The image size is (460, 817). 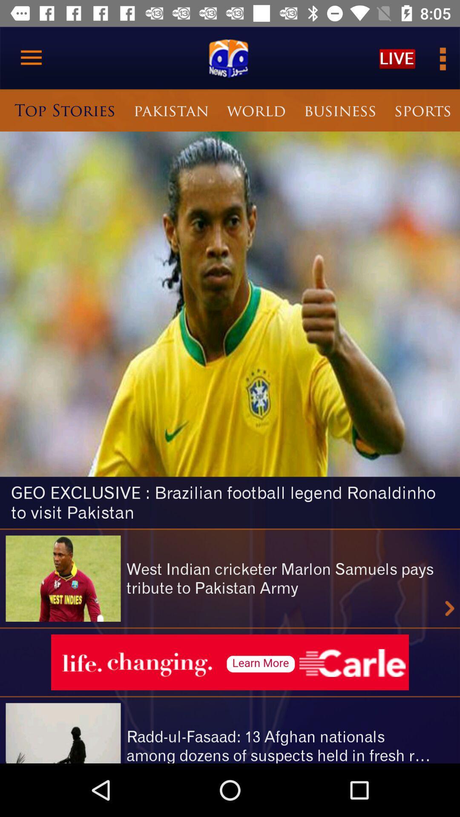 What do you see at coordinates (449, 608) in the screenshot?
I see `the arrow` at bounding box center [449, 608].